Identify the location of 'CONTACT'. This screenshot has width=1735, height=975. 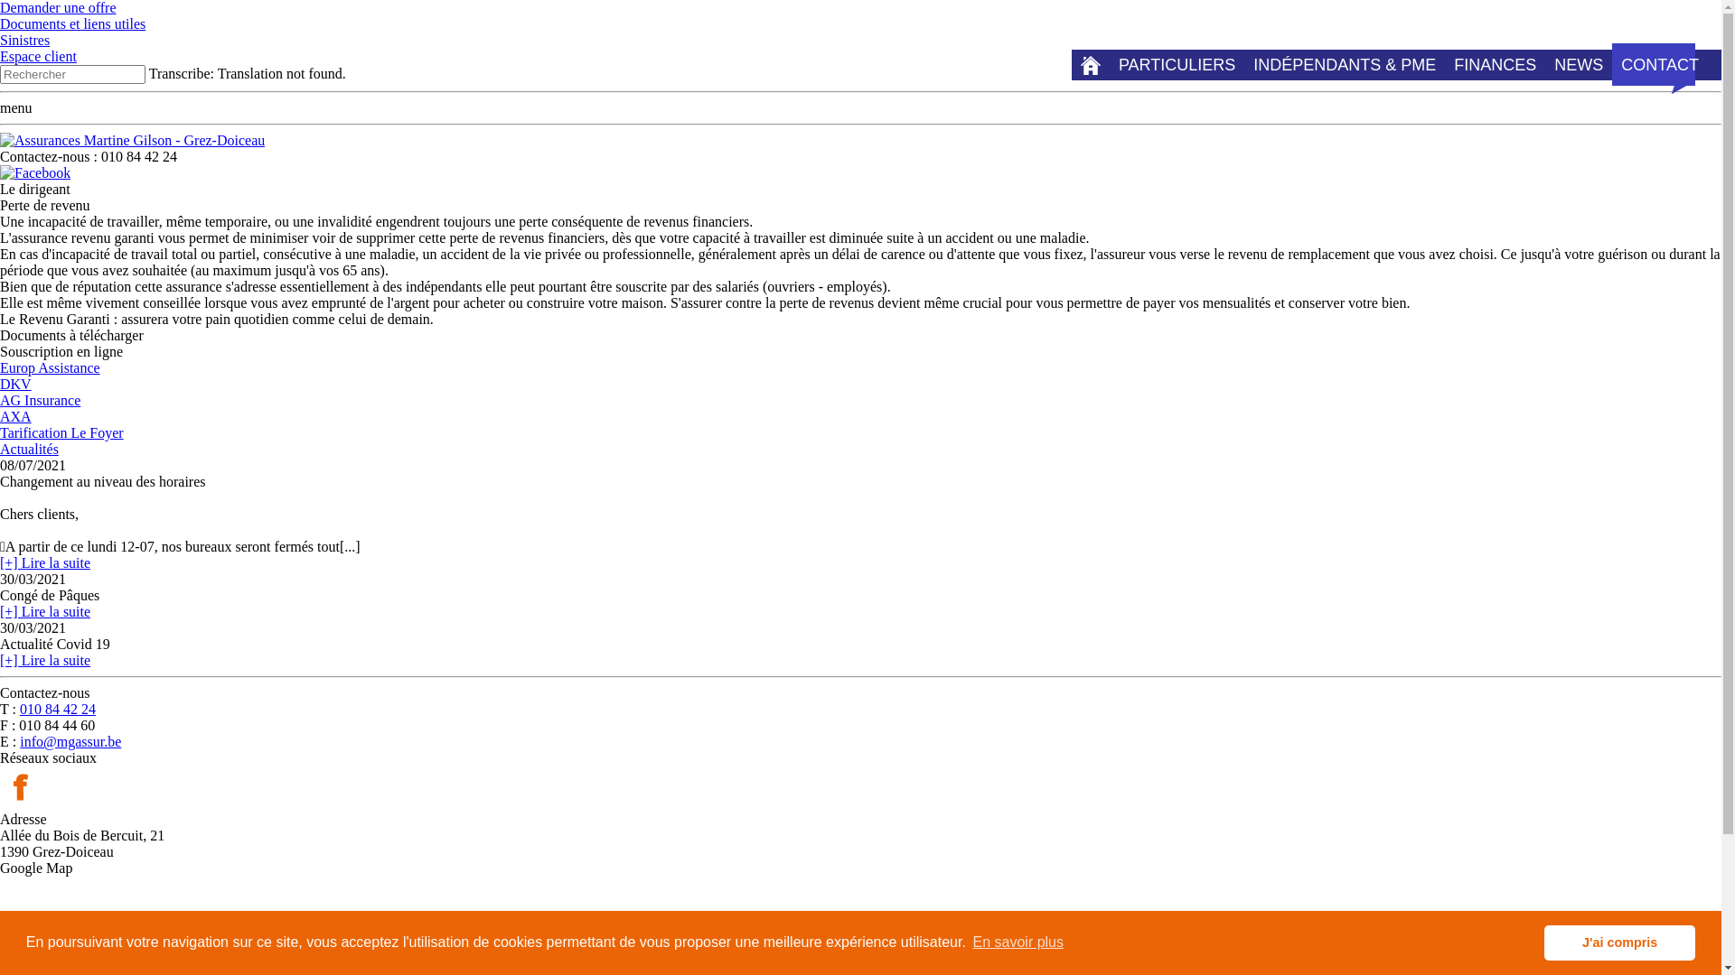
(1660, 71).